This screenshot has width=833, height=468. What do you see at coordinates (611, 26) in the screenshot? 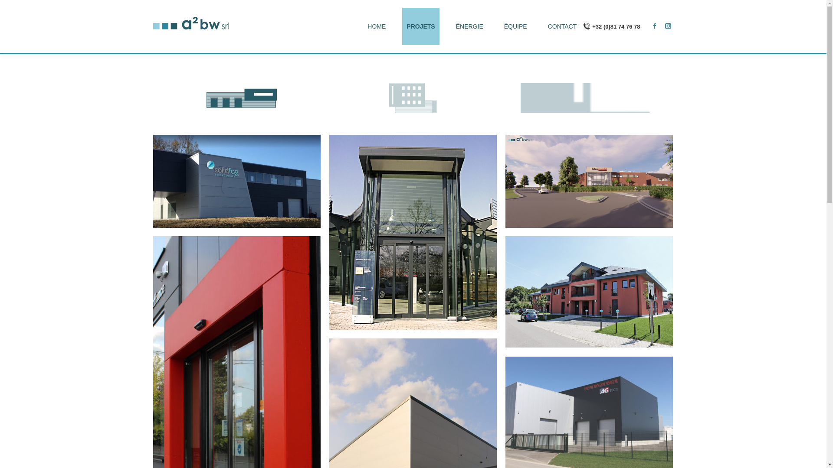
I see `'+32 (0)81 74 76 78'` at bounding box center [611, 26].